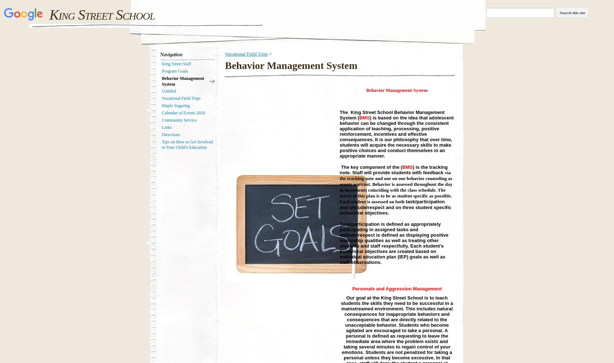 This screenshot has height=363, width=614. What do you see at coordinates (175, 105) in the screenshot?
I see `'Maple Sugaring'` at bounding box center [175, 105].